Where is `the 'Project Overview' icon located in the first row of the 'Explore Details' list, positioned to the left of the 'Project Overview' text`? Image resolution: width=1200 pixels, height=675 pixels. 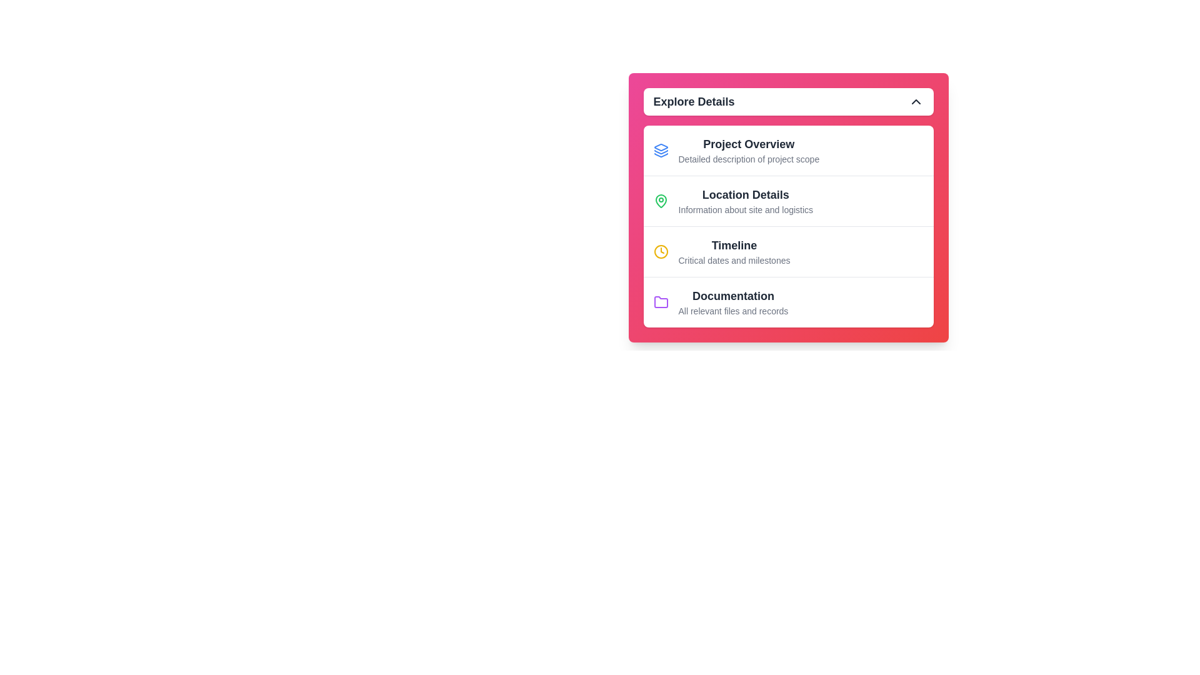 the 'Project Overview' icon located in the first row of the 'Explore Details' list, positioned to the left of the 'Project Overview' text is located at coordinates (660, 149).